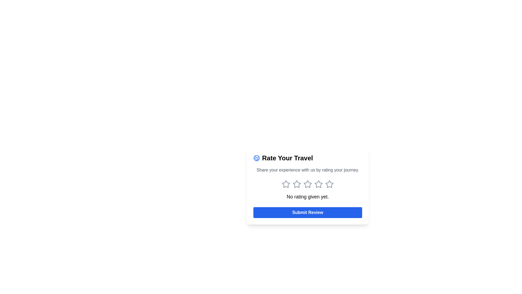 The width and height of the screenshot is (522, 294). What do you see at coordinates (285, 184) in the screenshot?
I see `the first interactive star icon used for rating` at bounding box center [285, 184].